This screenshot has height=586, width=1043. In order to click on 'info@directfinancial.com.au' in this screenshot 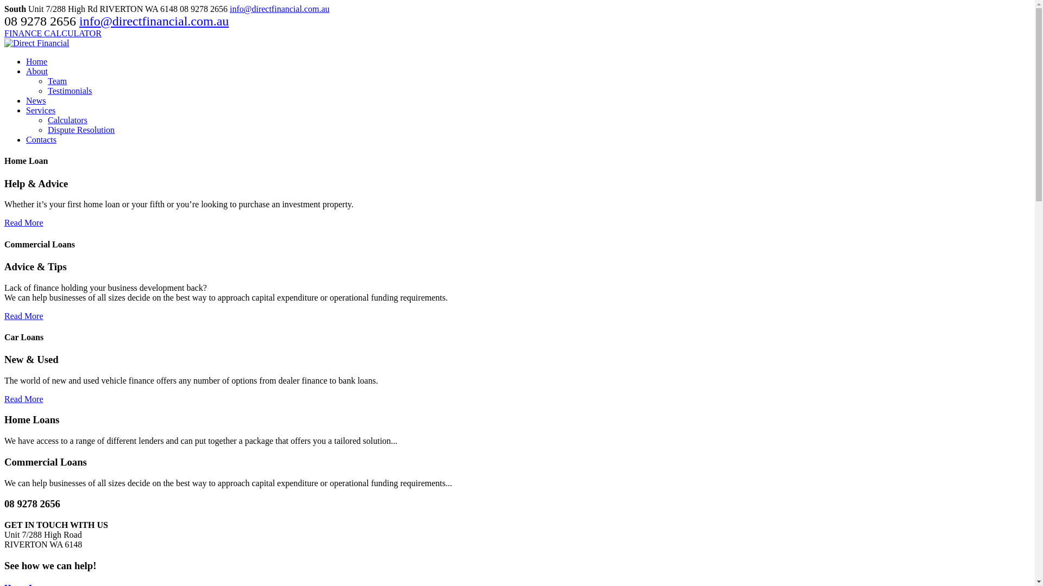, I will do `click(153, 21)`.